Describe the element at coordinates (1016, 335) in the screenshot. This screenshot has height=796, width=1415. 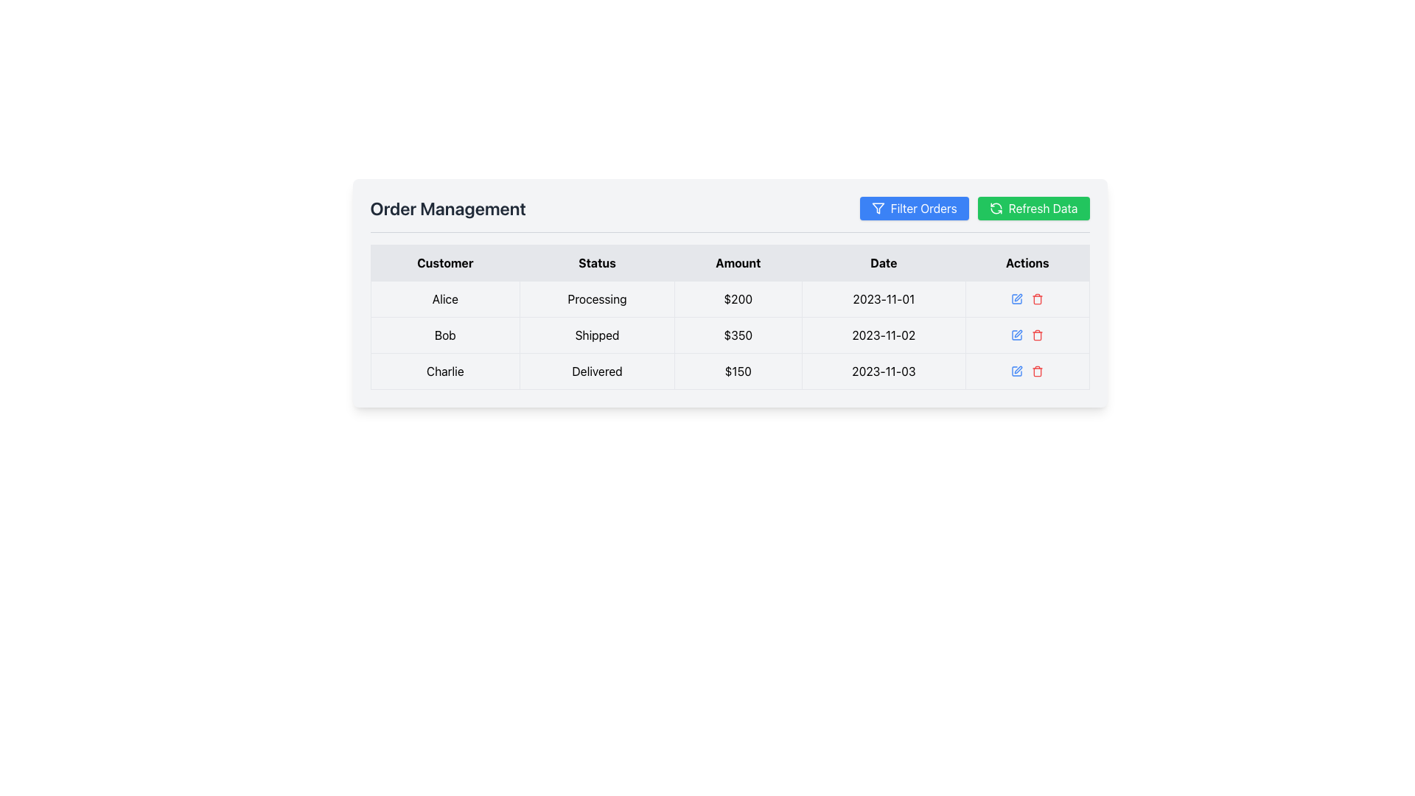
I see `the edit icon located in the 'Actions' column of the second row of the data table` at that location.